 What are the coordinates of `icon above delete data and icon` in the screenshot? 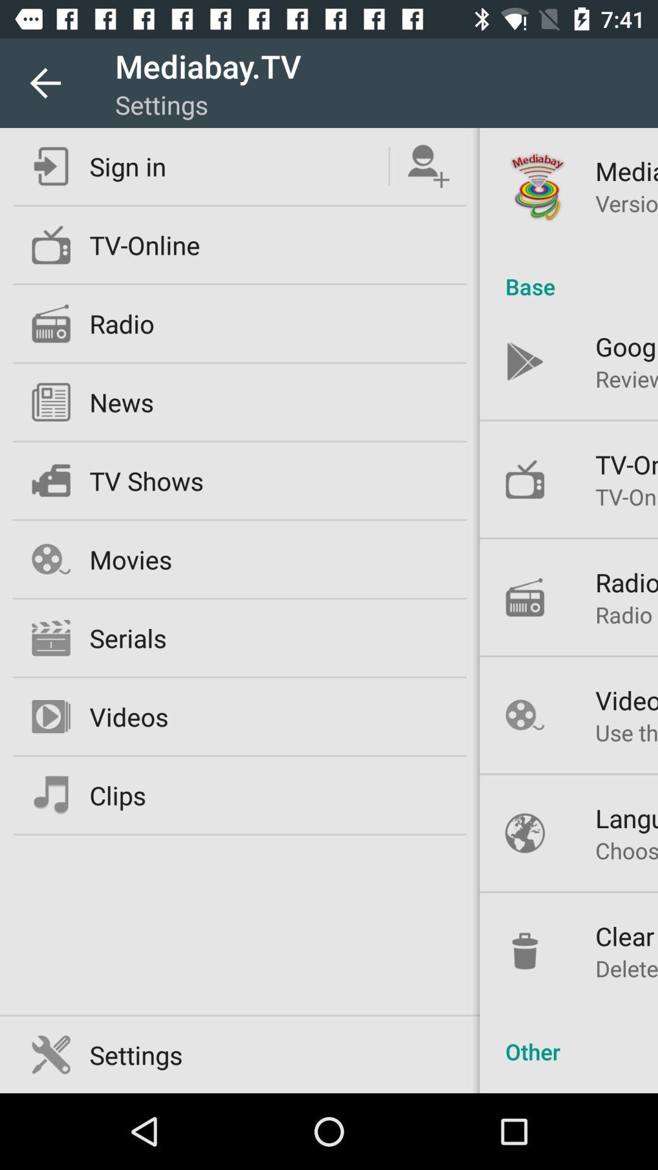 It's located at (626, 935).